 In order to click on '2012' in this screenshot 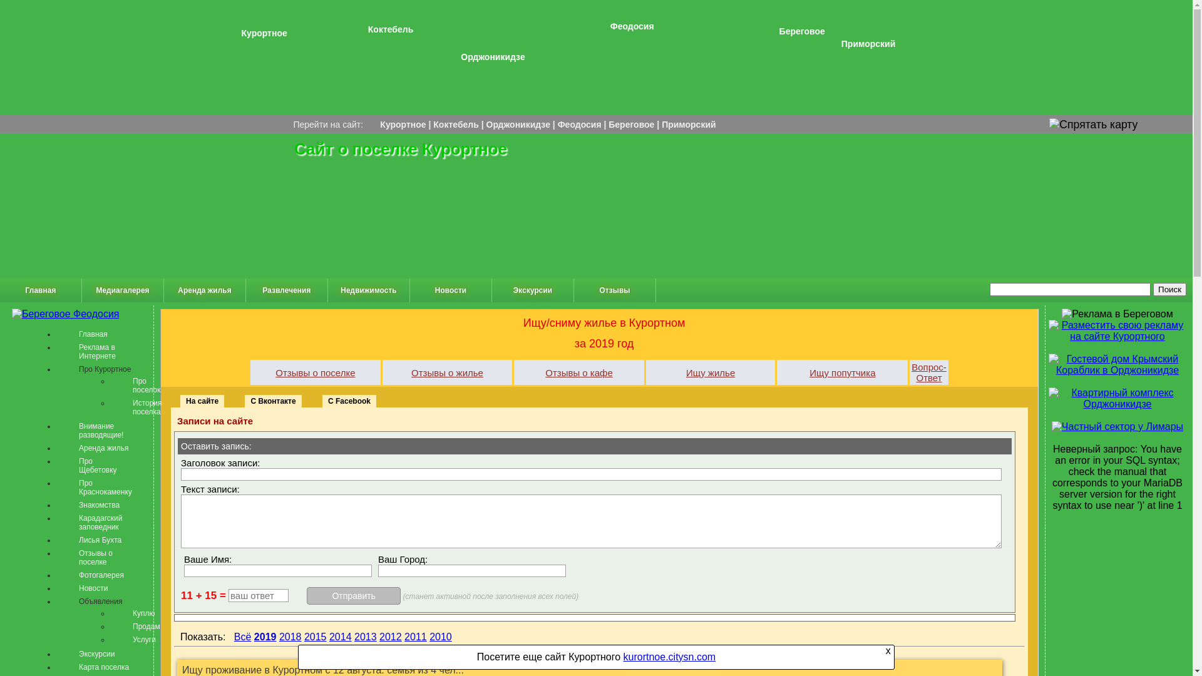, I will do `click(390, 637)`.